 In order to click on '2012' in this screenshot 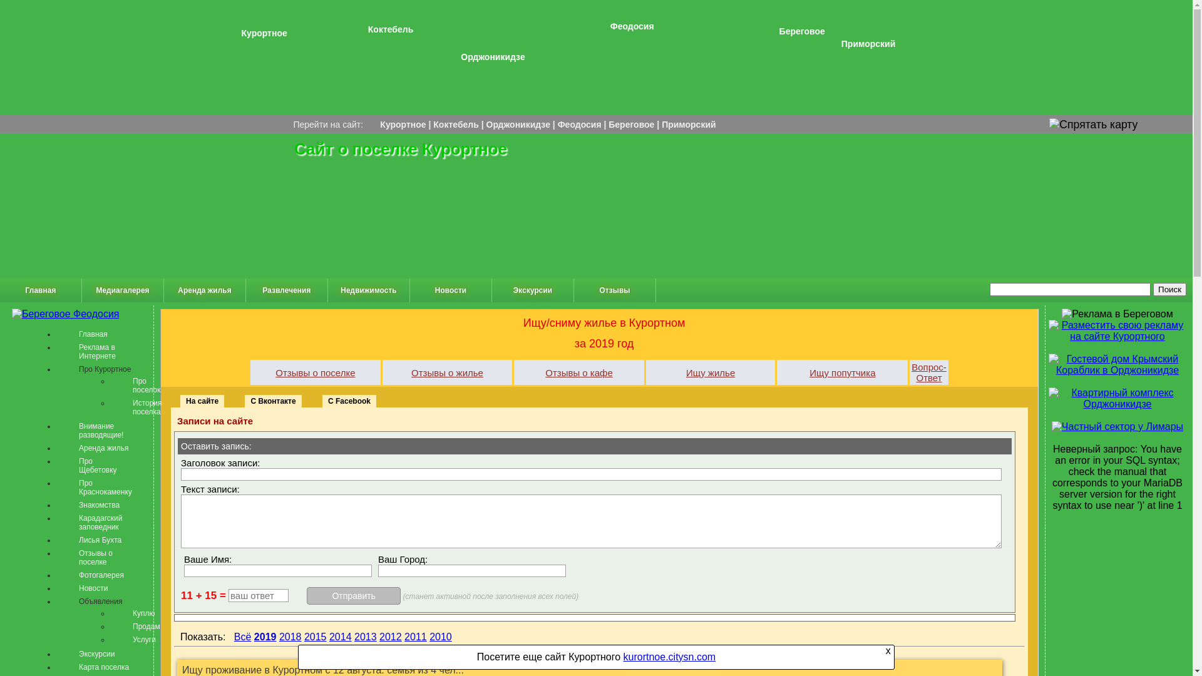, I will do `click(390, 637)`.